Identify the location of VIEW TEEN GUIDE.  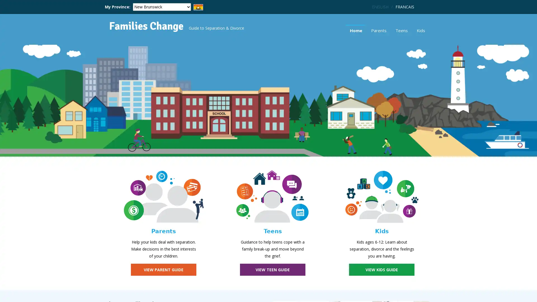
(272, 269).